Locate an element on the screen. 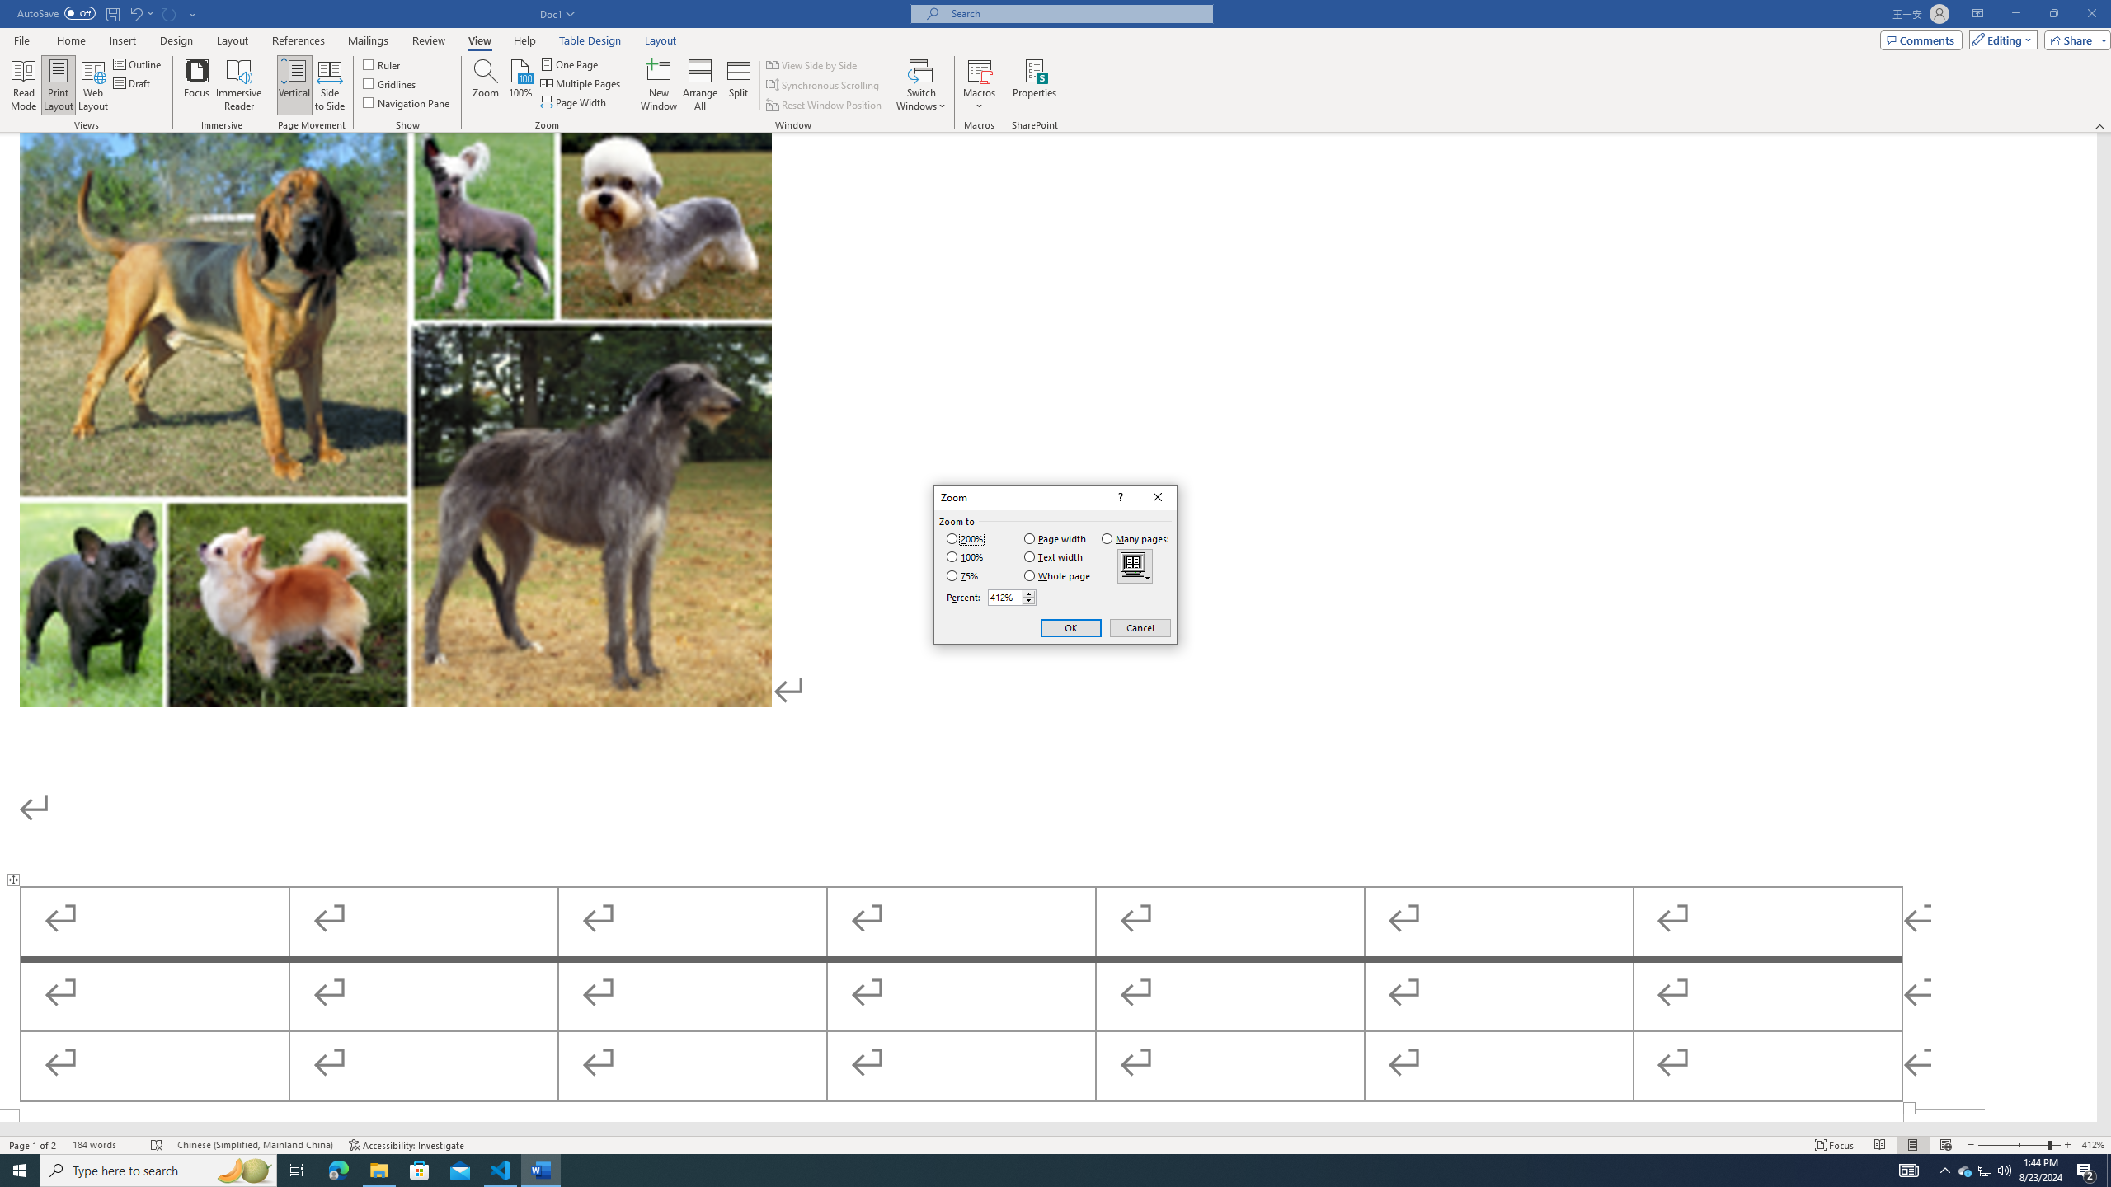 This screenshot has width=2111, height=1187. '200%' is located at coordinates (965, 539).